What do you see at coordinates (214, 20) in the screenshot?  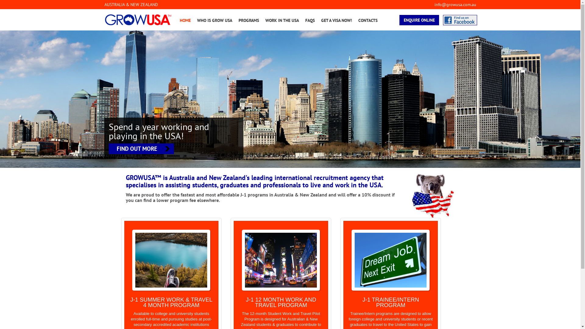 I see `'WHO IS GROW USA'` at bounding box center [214, 20].